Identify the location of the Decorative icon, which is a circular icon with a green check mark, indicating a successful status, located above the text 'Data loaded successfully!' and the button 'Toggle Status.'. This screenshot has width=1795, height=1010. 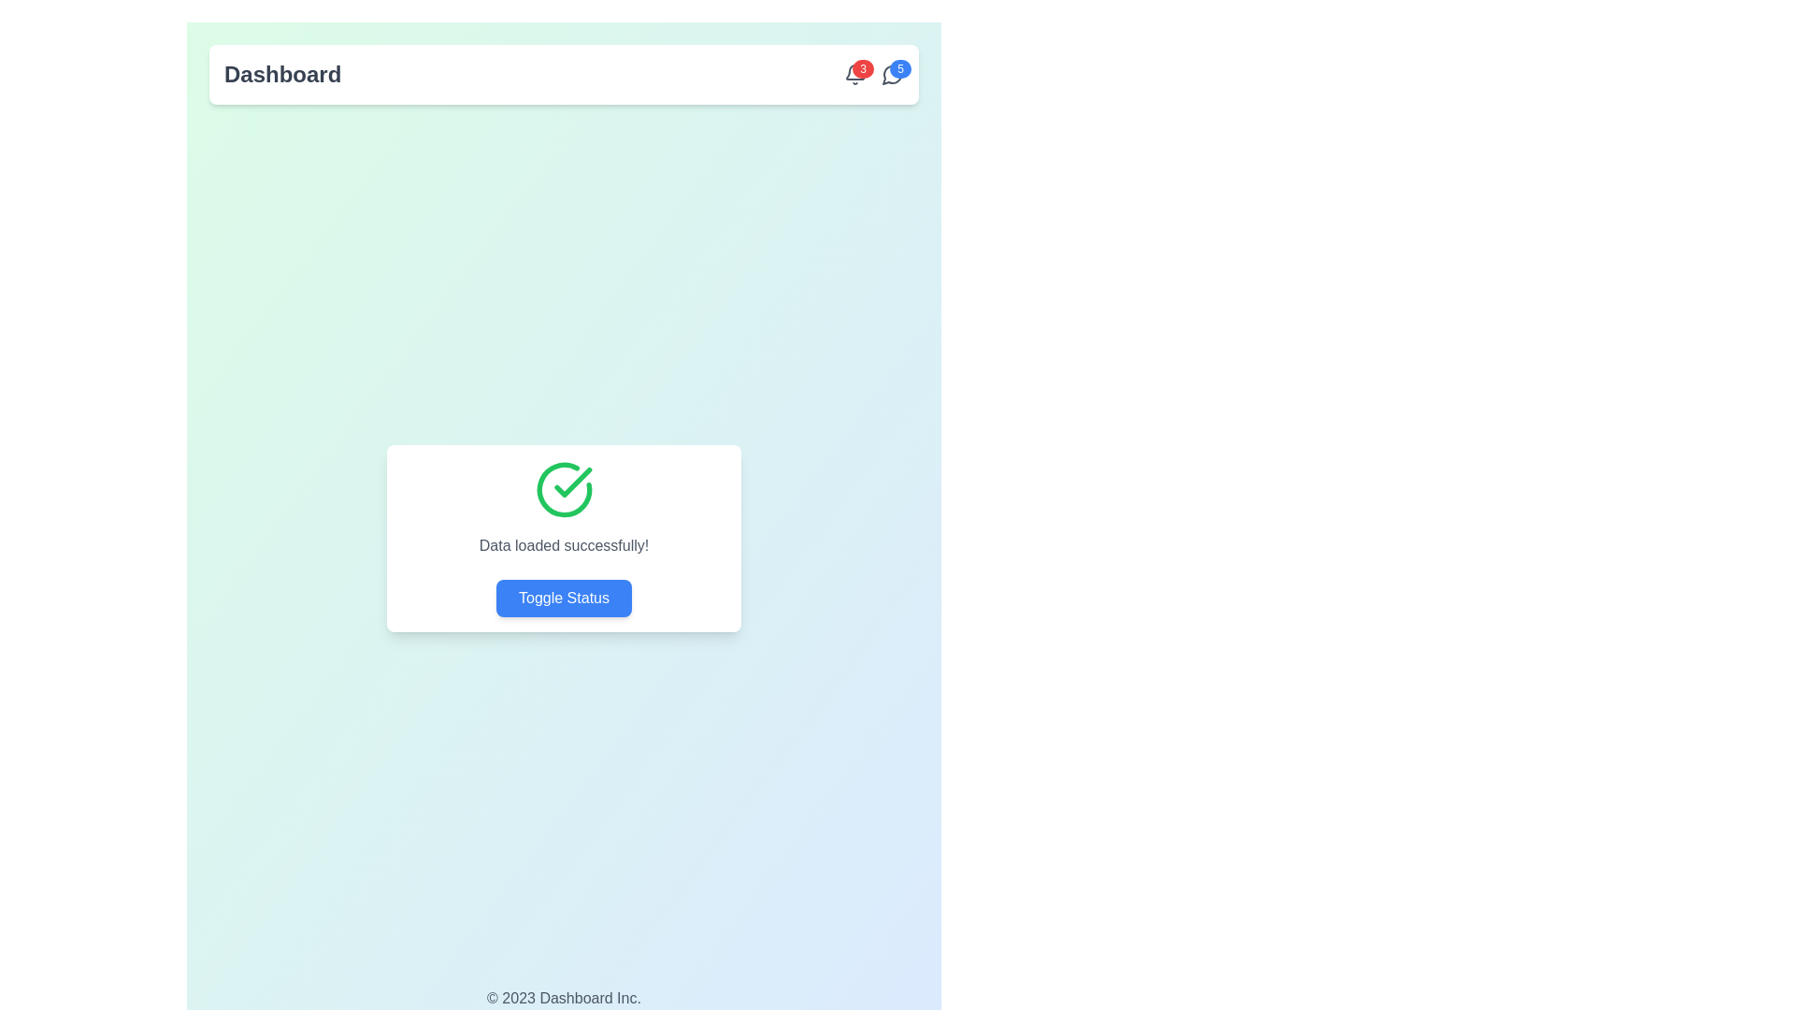
(563, 489).